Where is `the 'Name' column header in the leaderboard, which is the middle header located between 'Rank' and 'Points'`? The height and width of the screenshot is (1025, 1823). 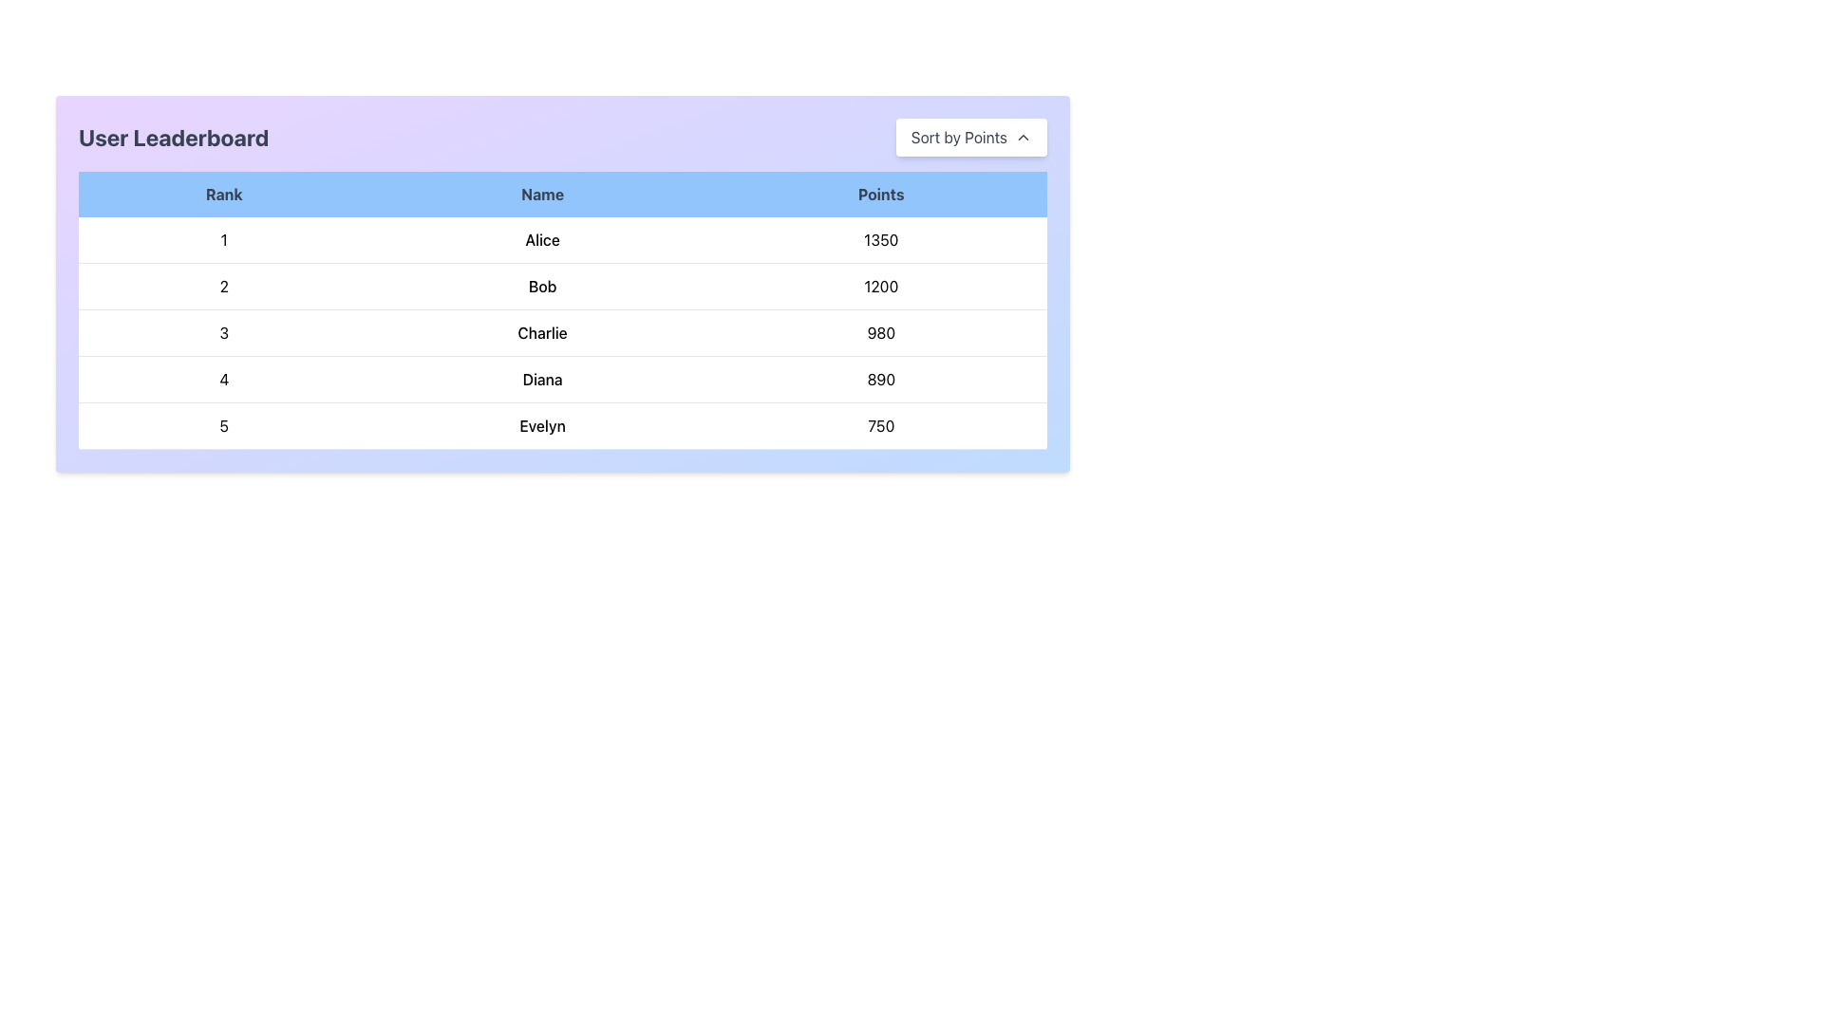 the 'Name' column header in the leaderboard, which is the middle header located between 'Rank' and 'Points' is located at coordinates (541, 194).